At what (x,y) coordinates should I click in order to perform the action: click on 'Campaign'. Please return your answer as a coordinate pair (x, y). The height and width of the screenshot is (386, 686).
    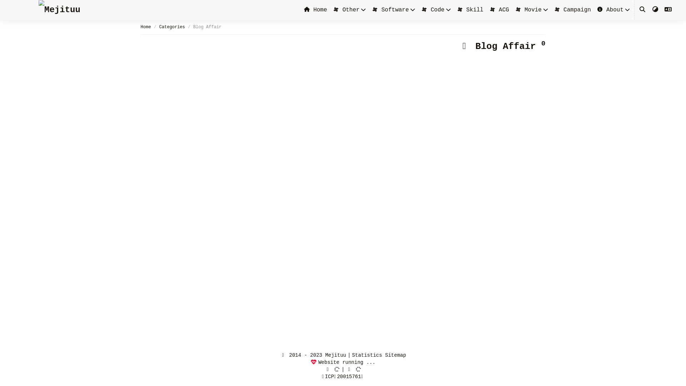
    Looking at the image, I should click on (572, 10).